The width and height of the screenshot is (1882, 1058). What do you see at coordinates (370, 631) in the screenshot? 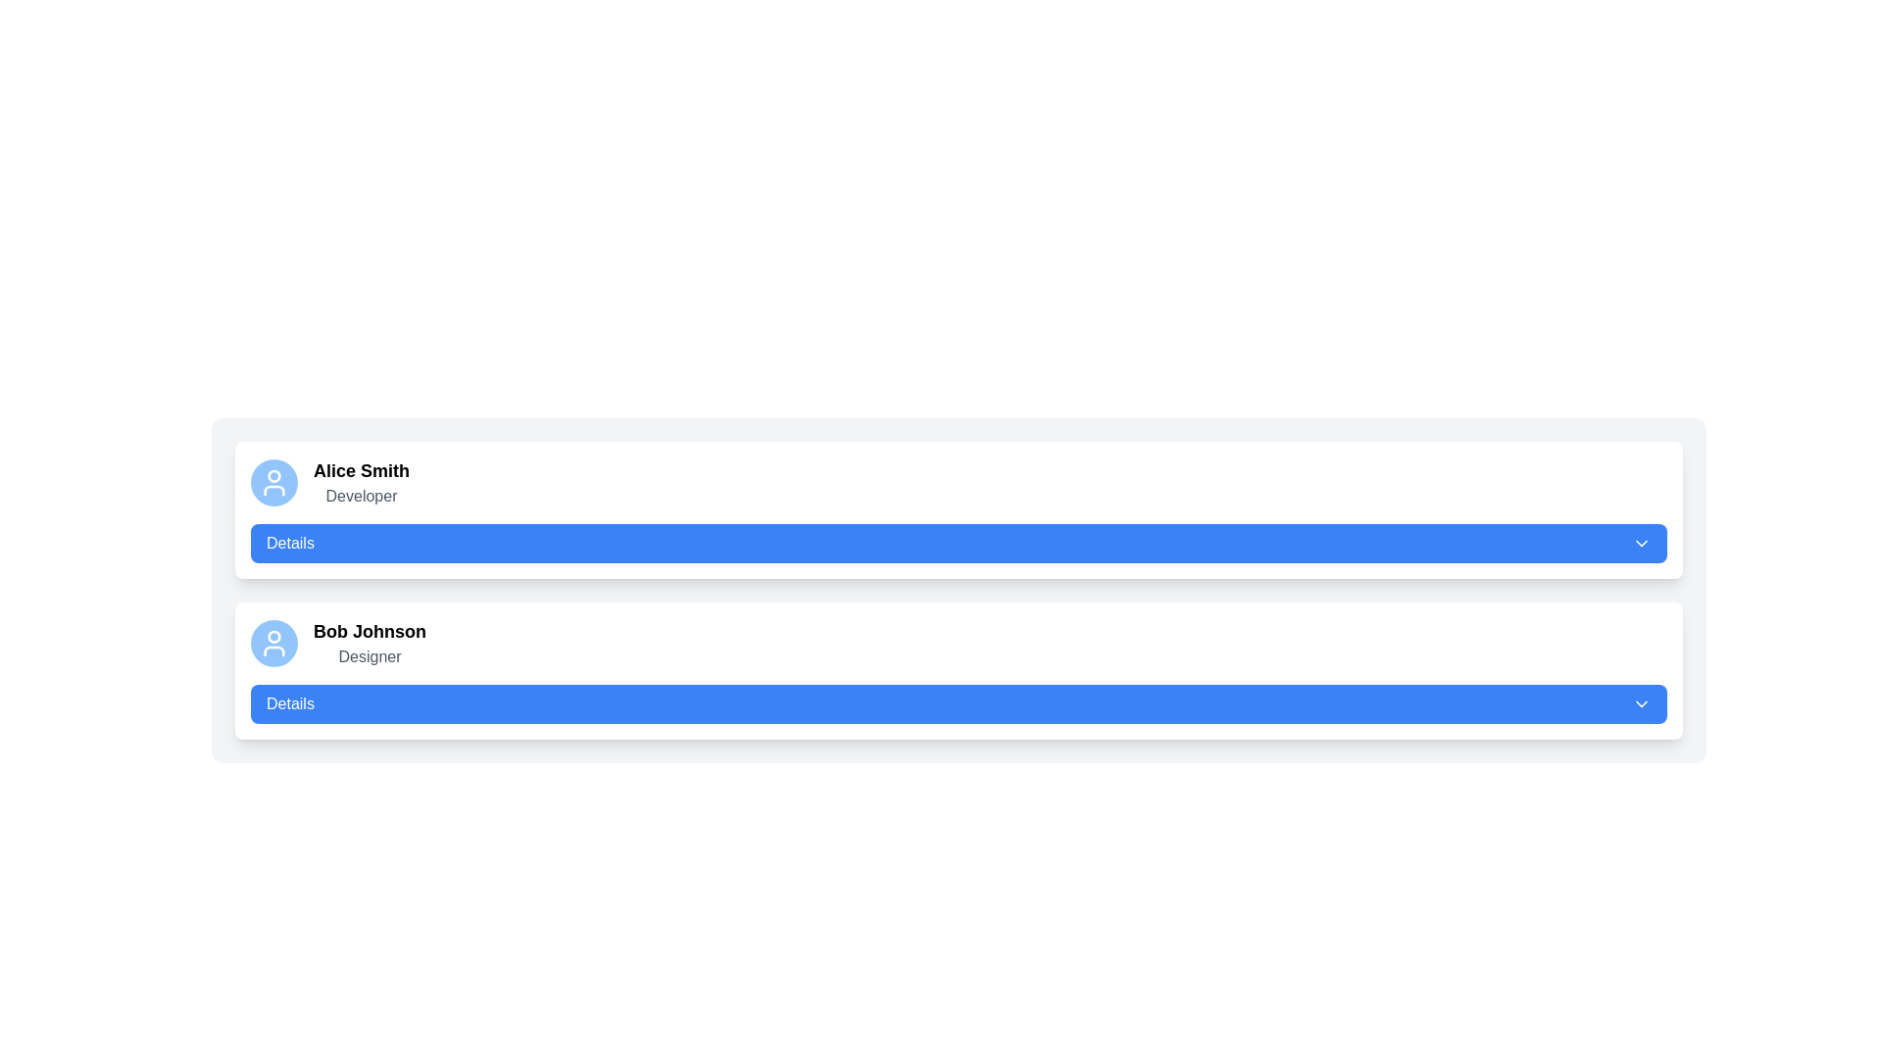
I see `the Text label displaying a person's name` at bounding box center [370, 631].